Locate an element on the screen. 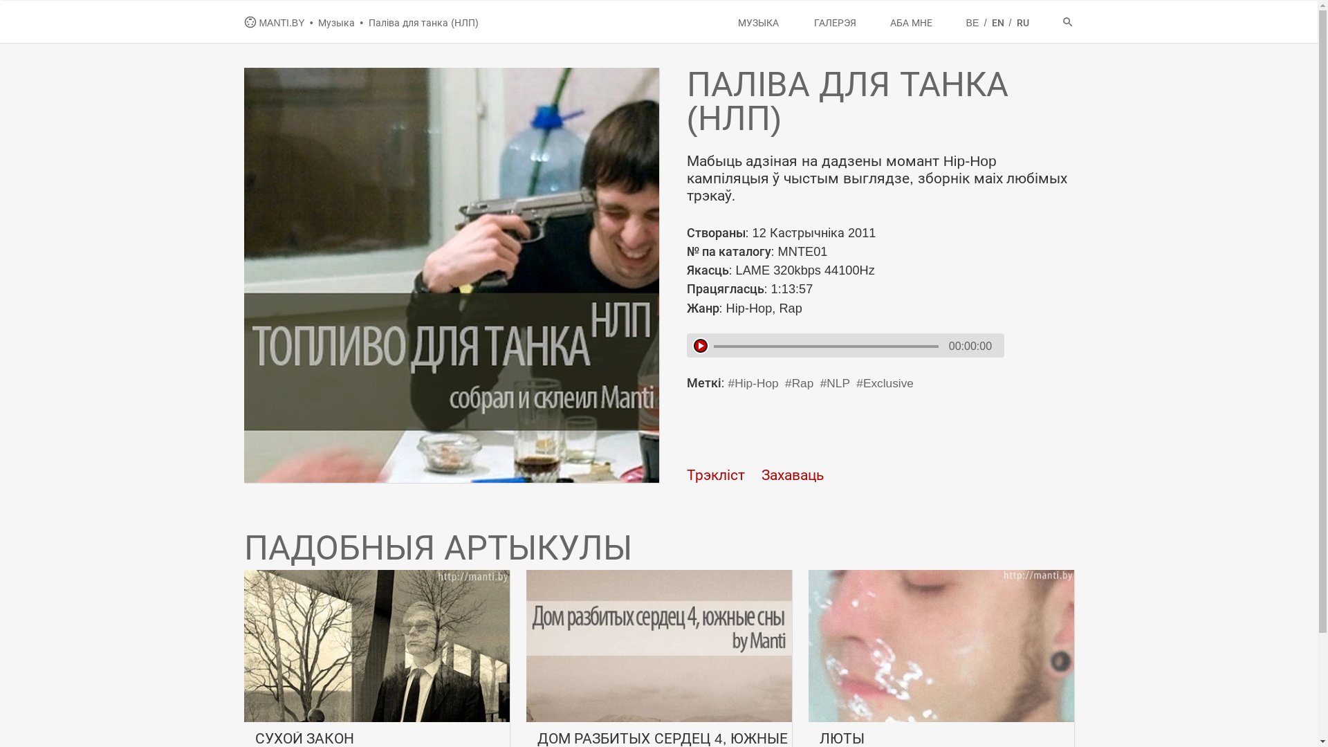 This screenshot has width=1328, height=747. 'settings_input_svideo MANTI.BY' is located at coordinates (275, 23).